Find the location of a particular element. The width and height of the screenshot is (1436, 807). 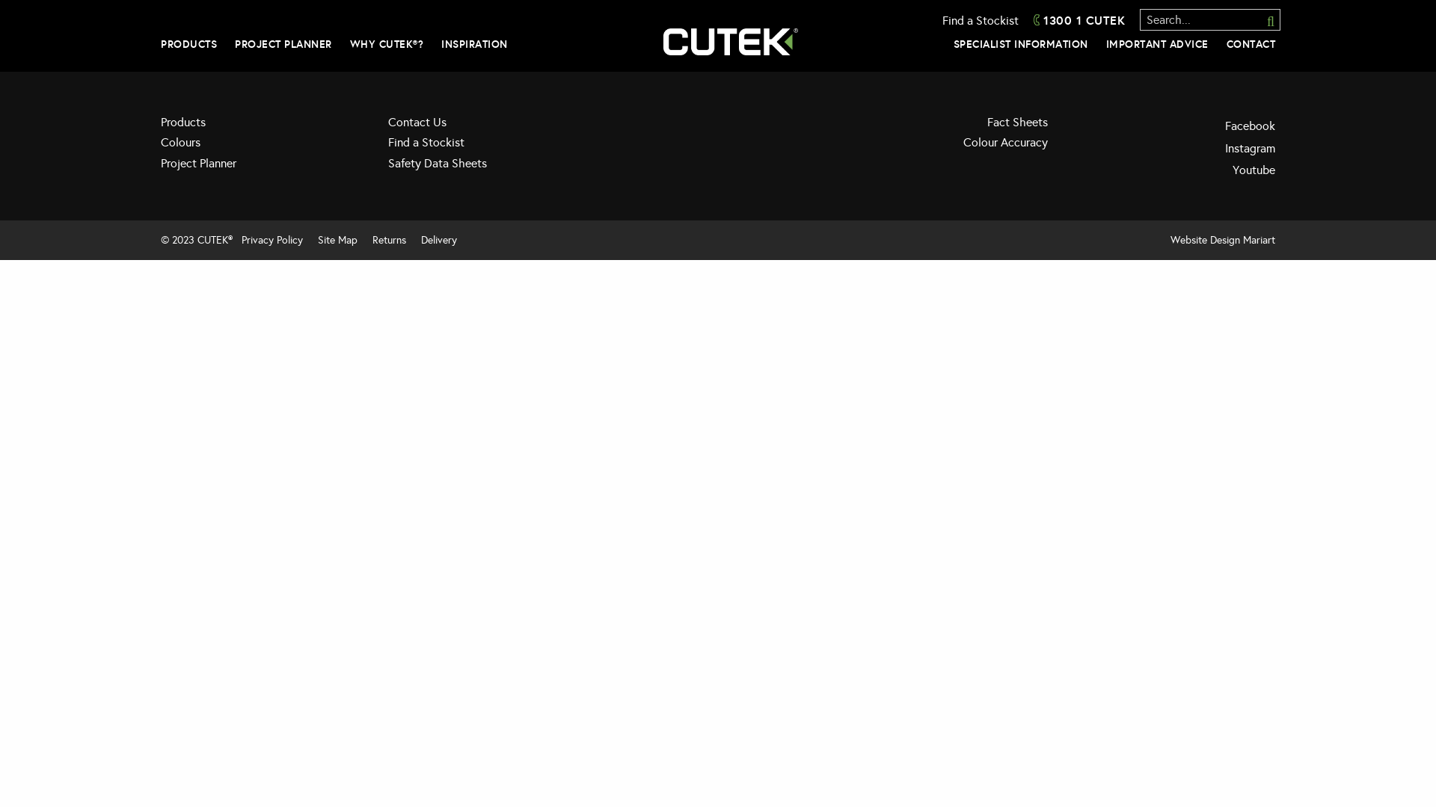

'PROJECT PLANNER' is located at coordinates (283, 43).